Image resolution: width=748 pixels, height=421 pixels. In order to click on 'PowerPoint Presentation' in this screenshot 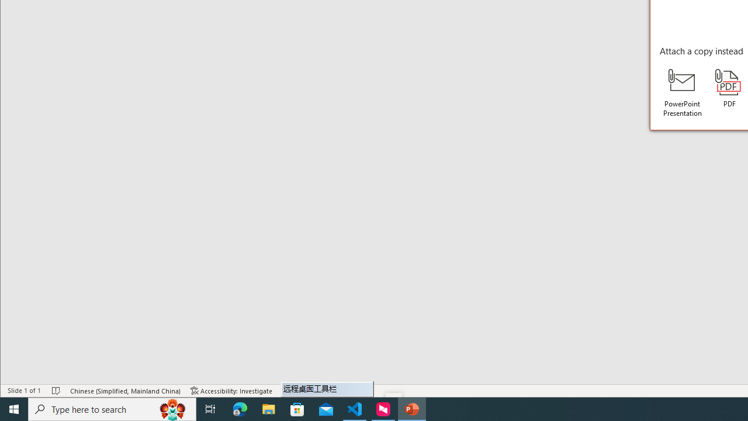, I will do `click(683, 92)`.